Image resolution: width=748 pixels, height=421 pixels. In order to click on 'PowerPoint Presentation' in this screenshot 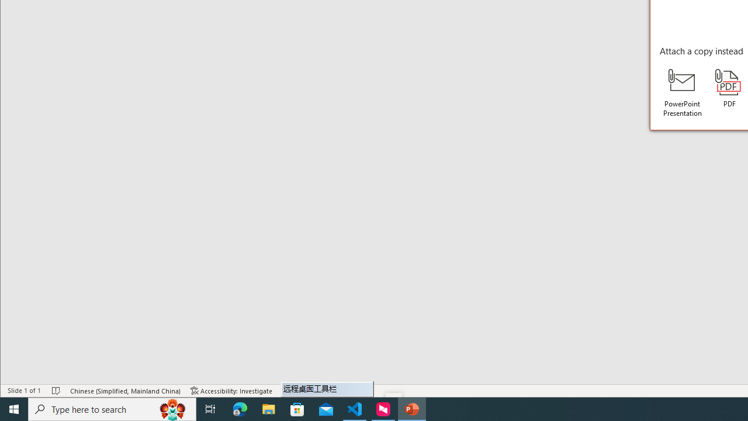, I will do `click(683, 92)`.